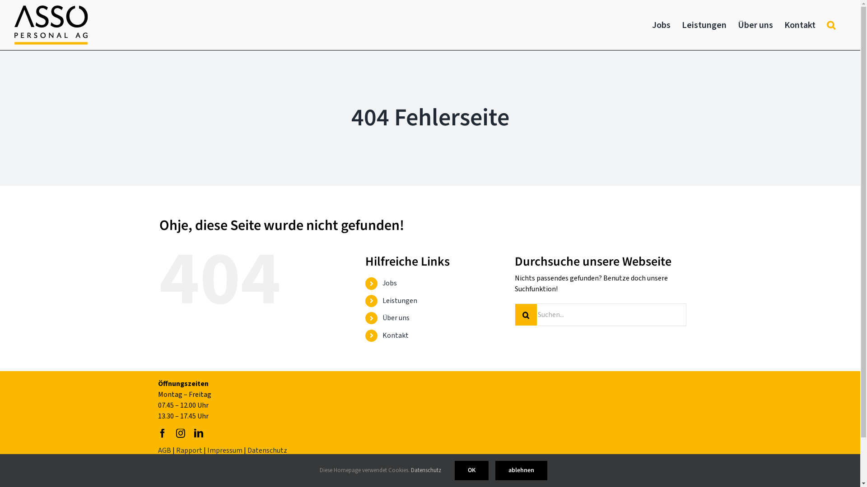 This screenshot has height=487, width=867. I want to click on 'Impressum', so click(225, 450).